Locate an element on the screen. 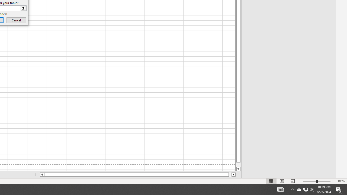 The width and height of the screenshot is (347, 195). 'Zoom Out' is located at coordinates (310, 181).